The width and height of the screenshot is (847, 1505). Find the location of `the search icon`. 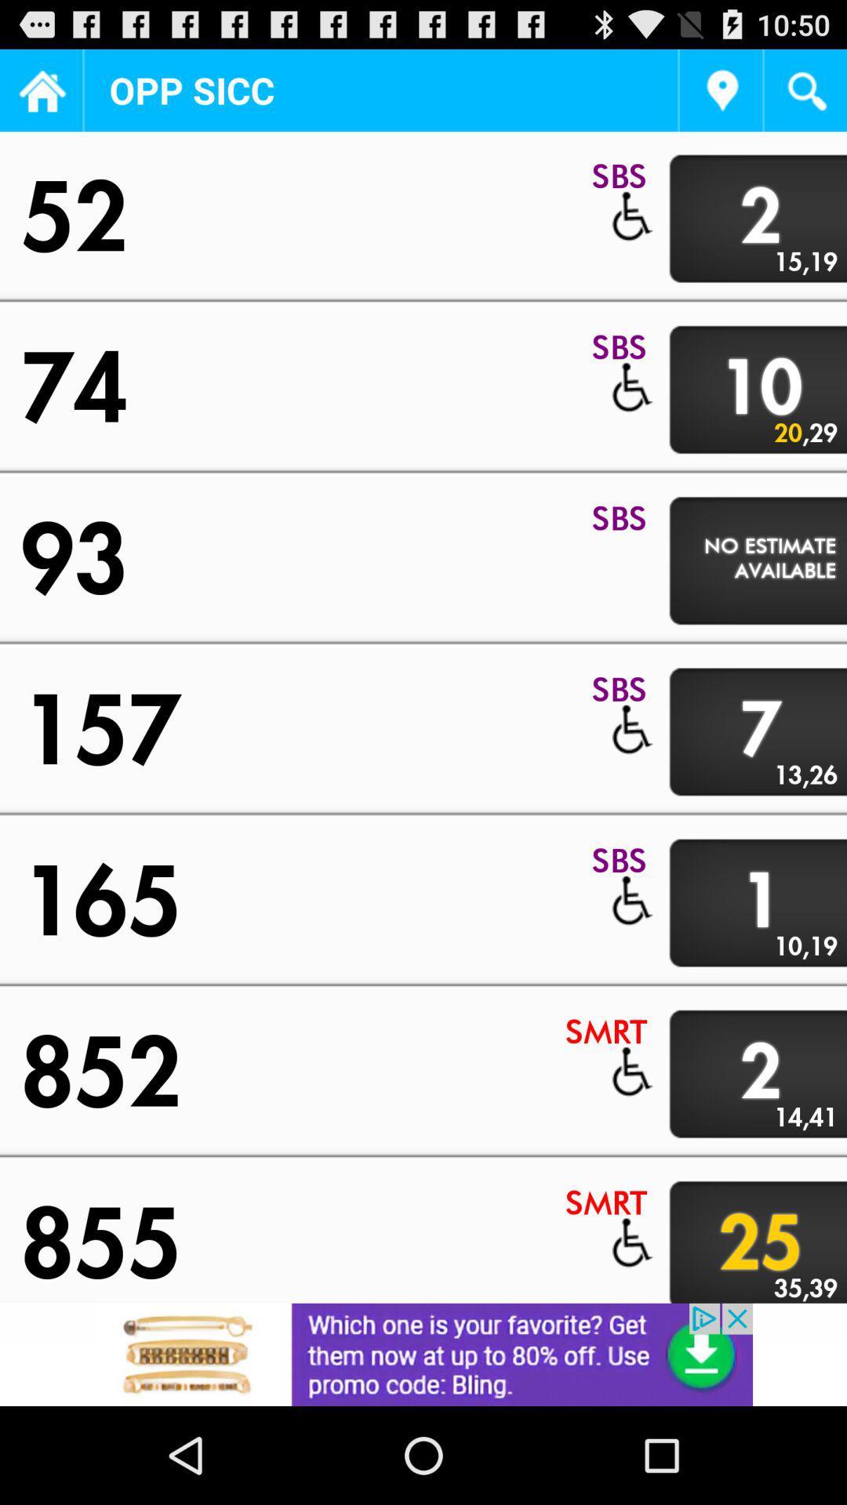

the search icon is located at coordinates (805, 96).